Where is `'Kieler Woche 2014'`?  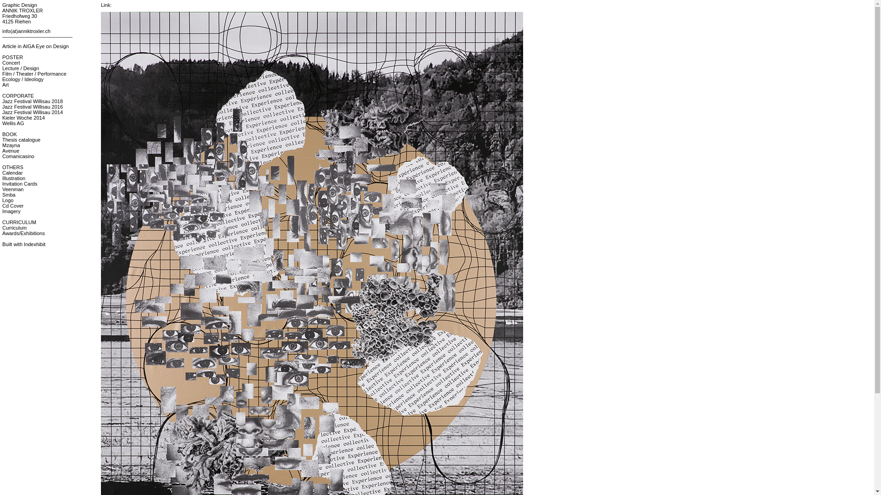 'Kieler Woche 2014' is located at coordinates (23, 117).